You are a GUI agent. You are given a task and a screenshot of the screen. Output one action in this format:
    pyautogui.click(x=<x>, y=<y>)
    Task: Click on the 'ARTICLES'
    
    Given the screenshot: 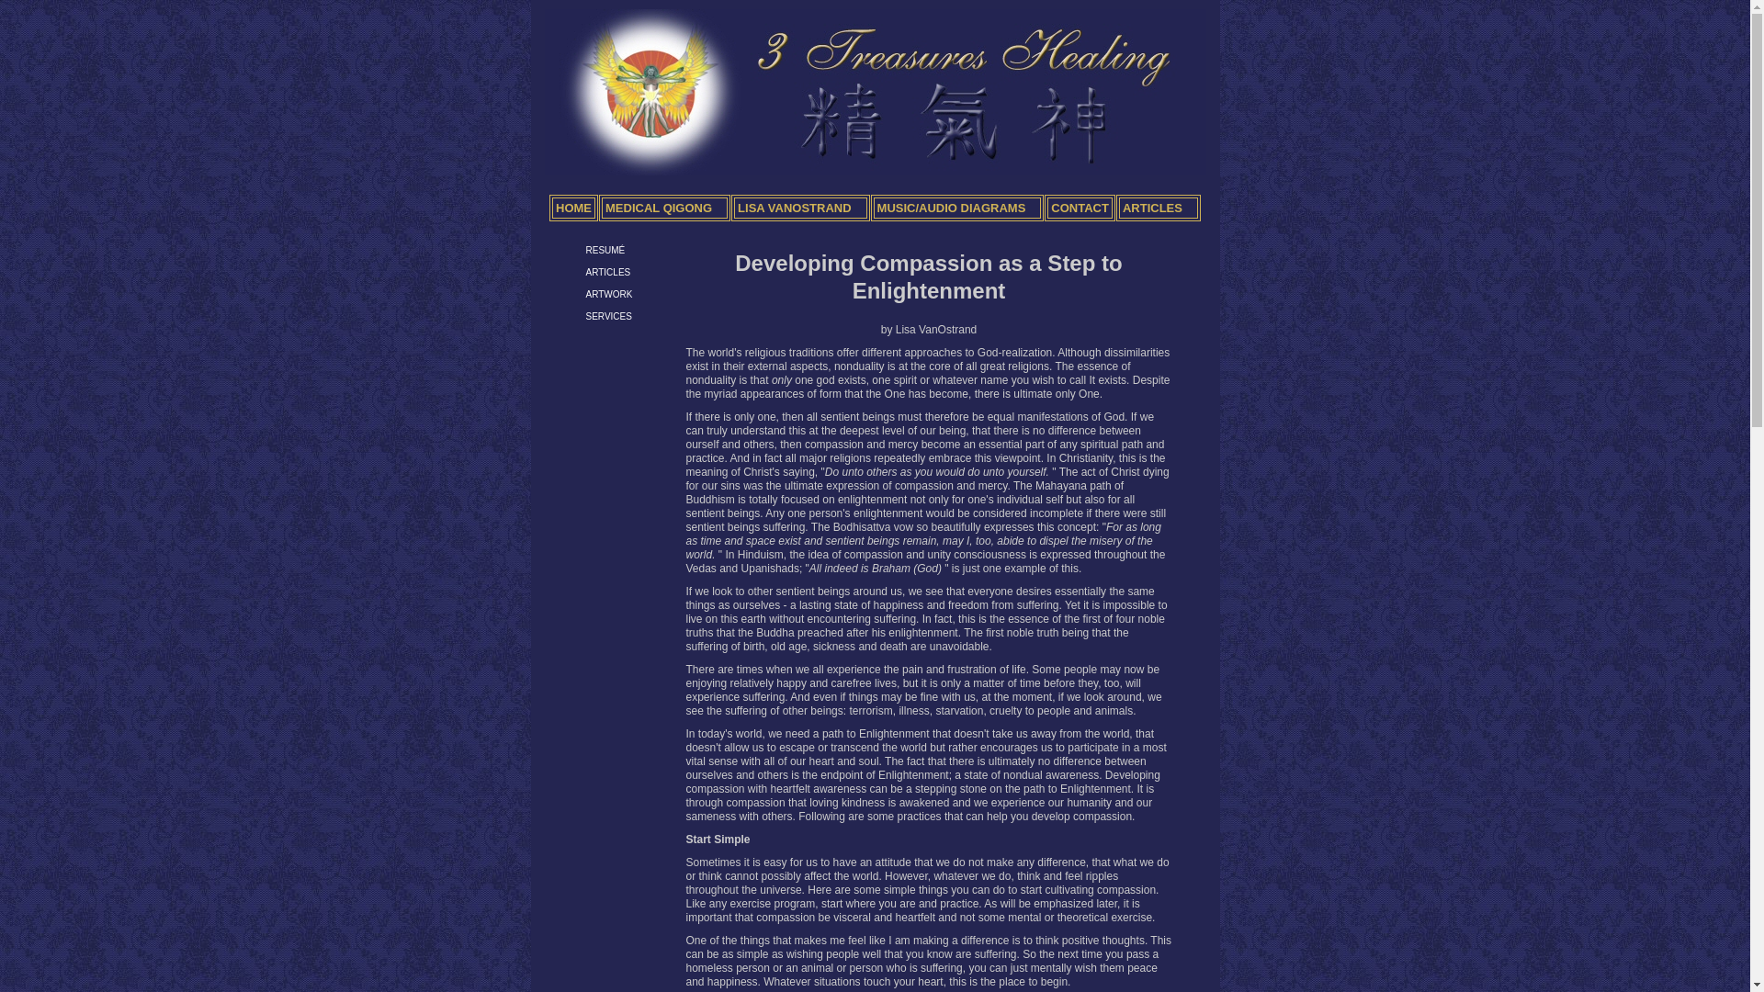 What is the action you would take?
    pyautogui.click(x=1114, y=207)
    